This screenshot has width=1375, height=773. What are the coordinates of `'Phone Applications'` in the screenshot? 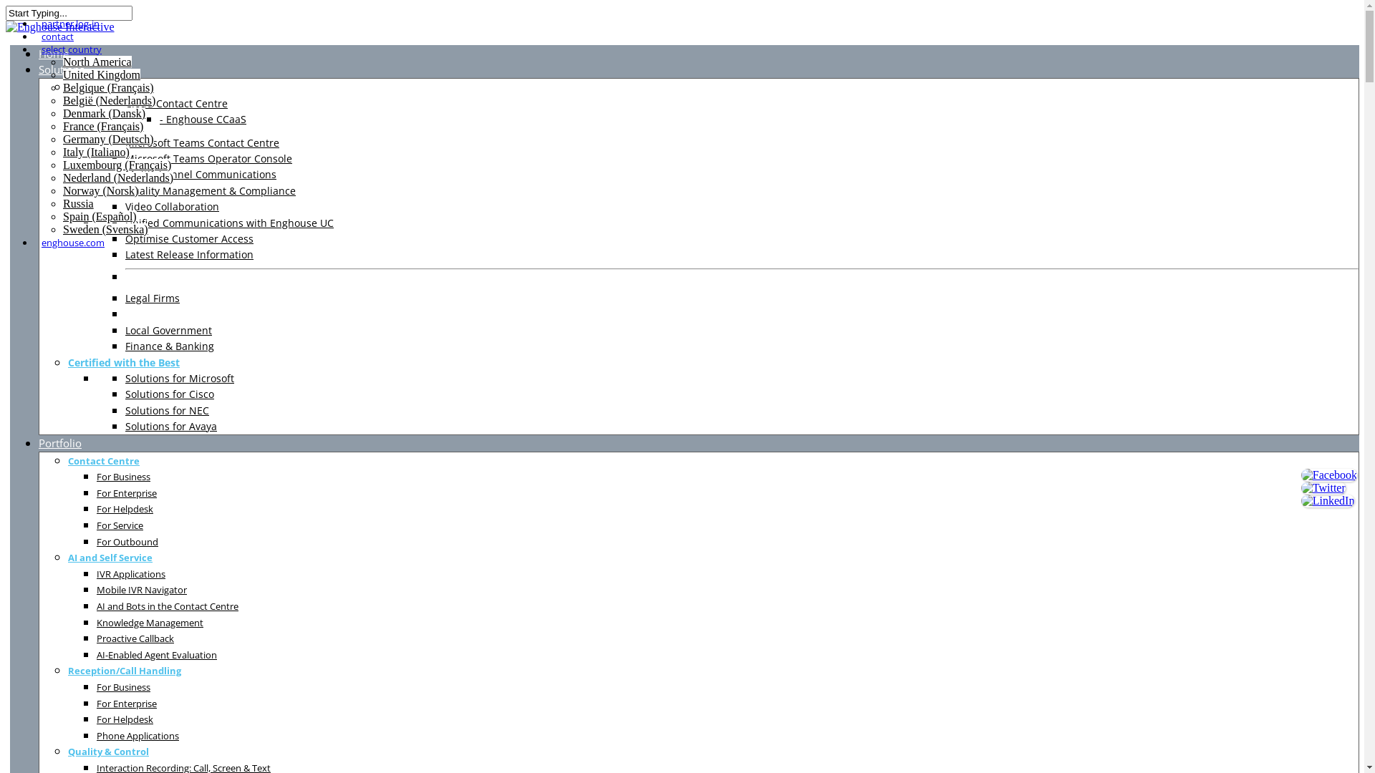 It's located at (137, 735).